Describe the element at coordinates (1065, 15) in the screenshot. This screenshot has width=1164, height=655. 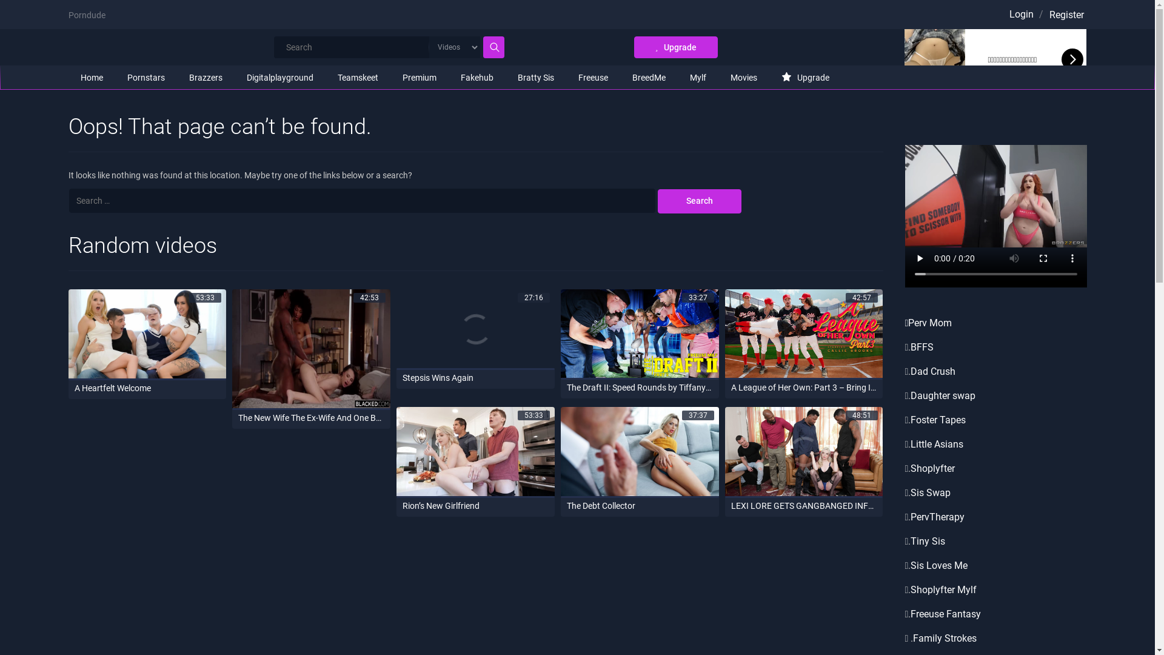
I see `'Register'` at that location.